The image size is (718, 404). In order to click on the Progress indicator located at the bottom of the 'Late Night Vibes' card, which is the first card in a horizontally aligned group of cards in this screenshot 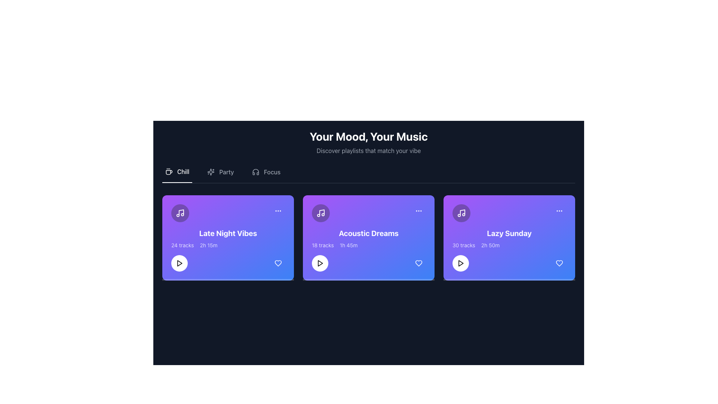, I will do `click(227, 280)`.